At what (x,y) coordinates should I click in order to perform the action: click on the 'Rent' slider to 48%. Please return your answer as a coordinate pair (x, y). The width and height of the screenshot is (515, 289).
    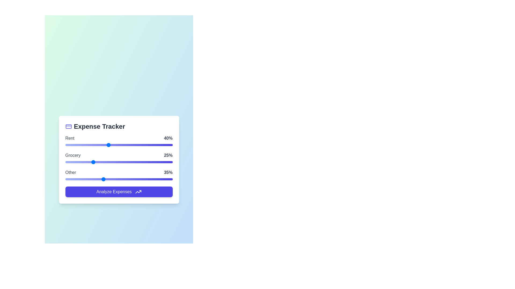
    Looking at the image, I should click on (116, 145).